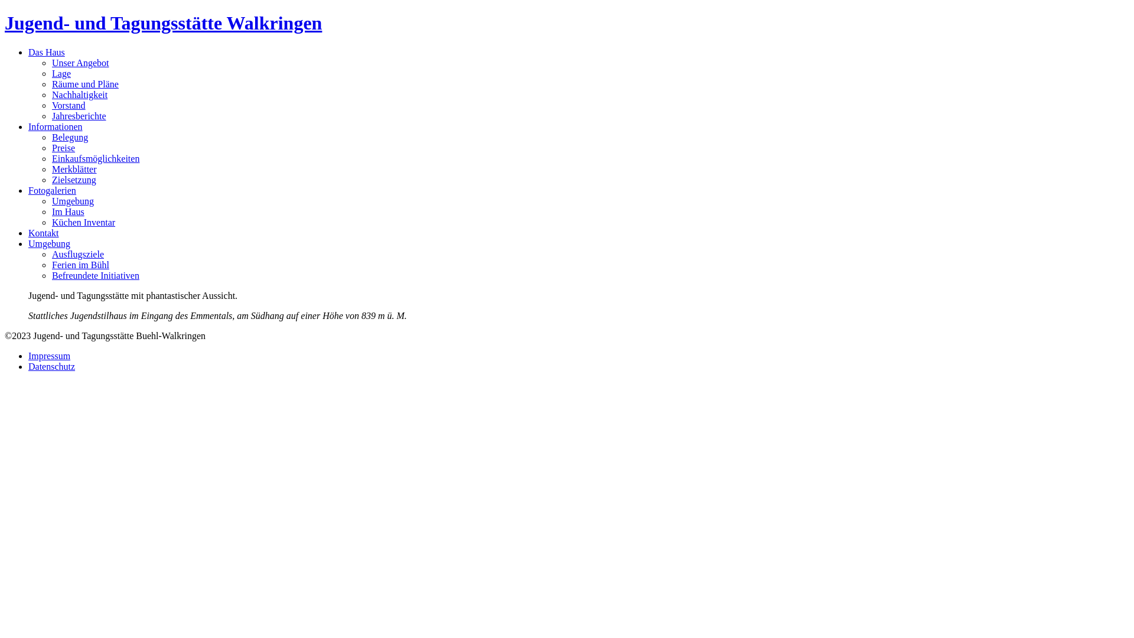  What do you see at coordinates (46, 51) in the screenshot?
I see `'Das Haus'` at bounding box center [46, 51].